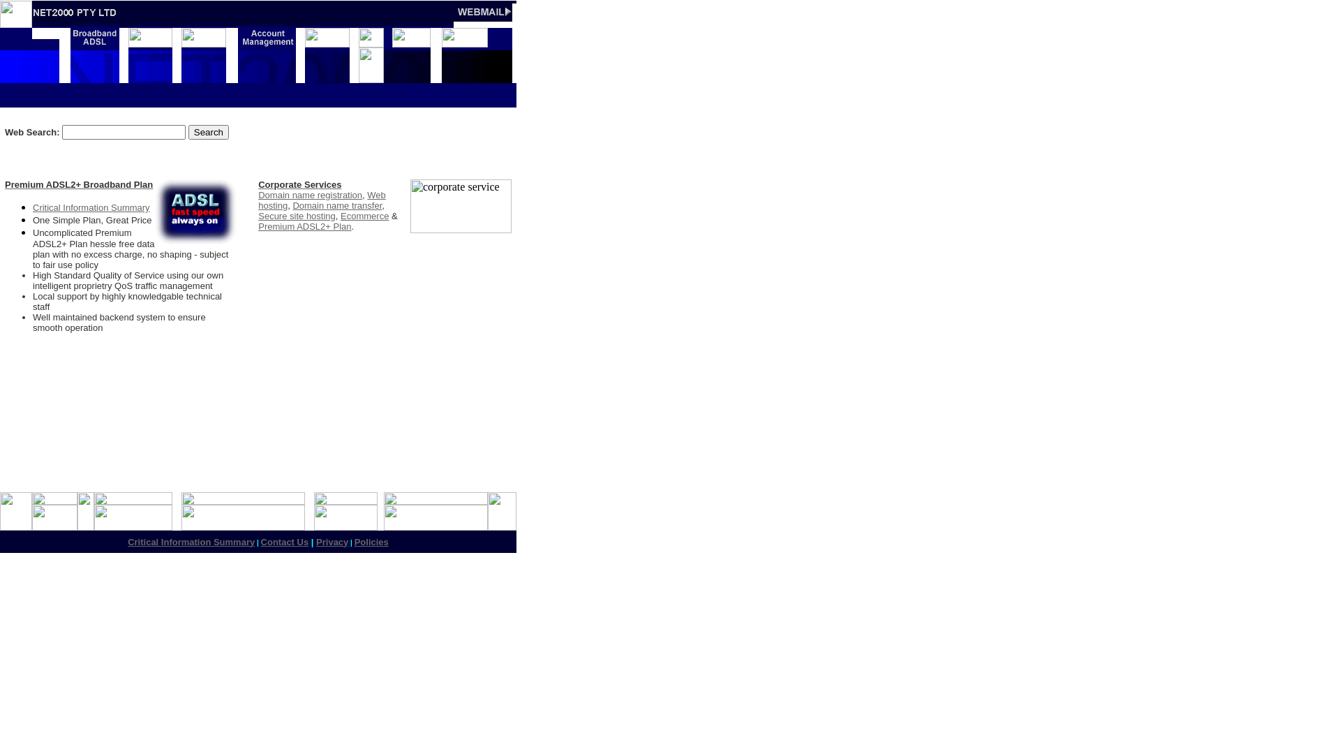 The width and height of the screenshot is (1340, 754). What do you see at coordinates (321, 200) in the screenshot?
I see `'Web hosting'` at bounding box center [321, 200].